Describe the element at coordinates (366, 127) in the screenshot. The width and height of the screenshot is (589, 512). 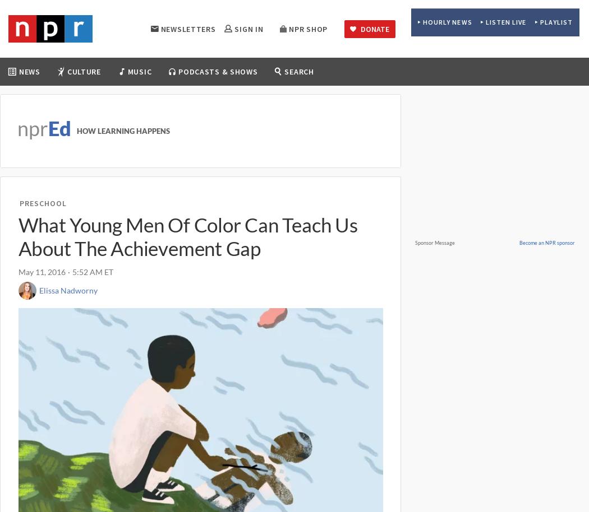
I see `'TED Radio Hour'` at that location.